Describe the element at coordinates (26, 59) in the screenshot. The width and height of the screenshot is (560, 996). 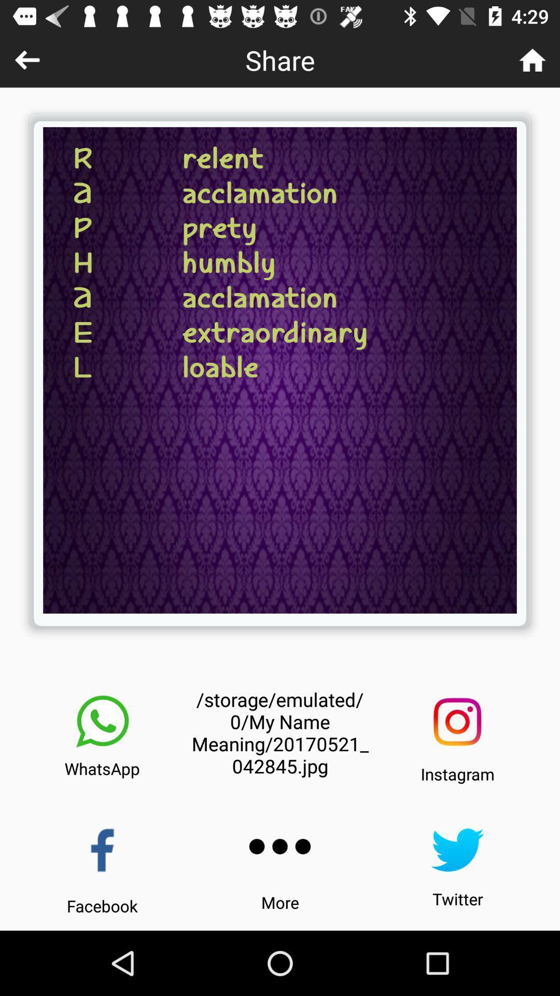
I see `item to the left of the share item` at that location.